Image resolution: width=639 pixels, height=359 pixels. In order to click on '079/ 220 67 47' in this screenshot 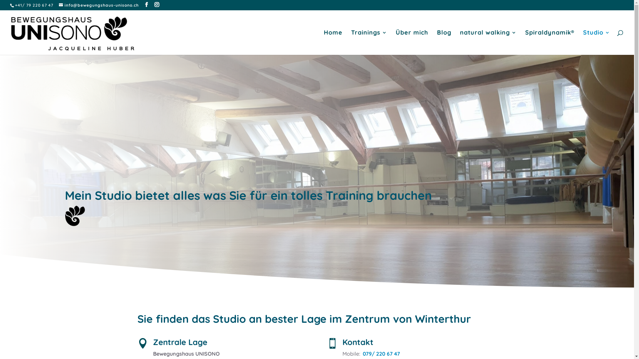, I will do `click(381, 353)`.